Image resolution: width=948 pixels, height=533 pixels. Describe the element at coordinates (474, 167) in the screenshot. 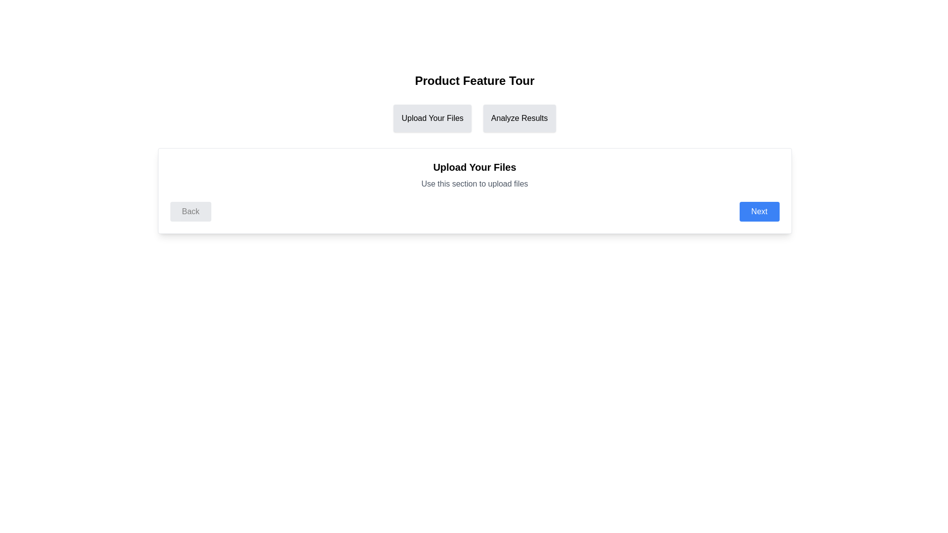

I see `the prominent Text Label displaying 'Upload Your Files', which is located above the description text 'Use this section to upload files'` at that location.